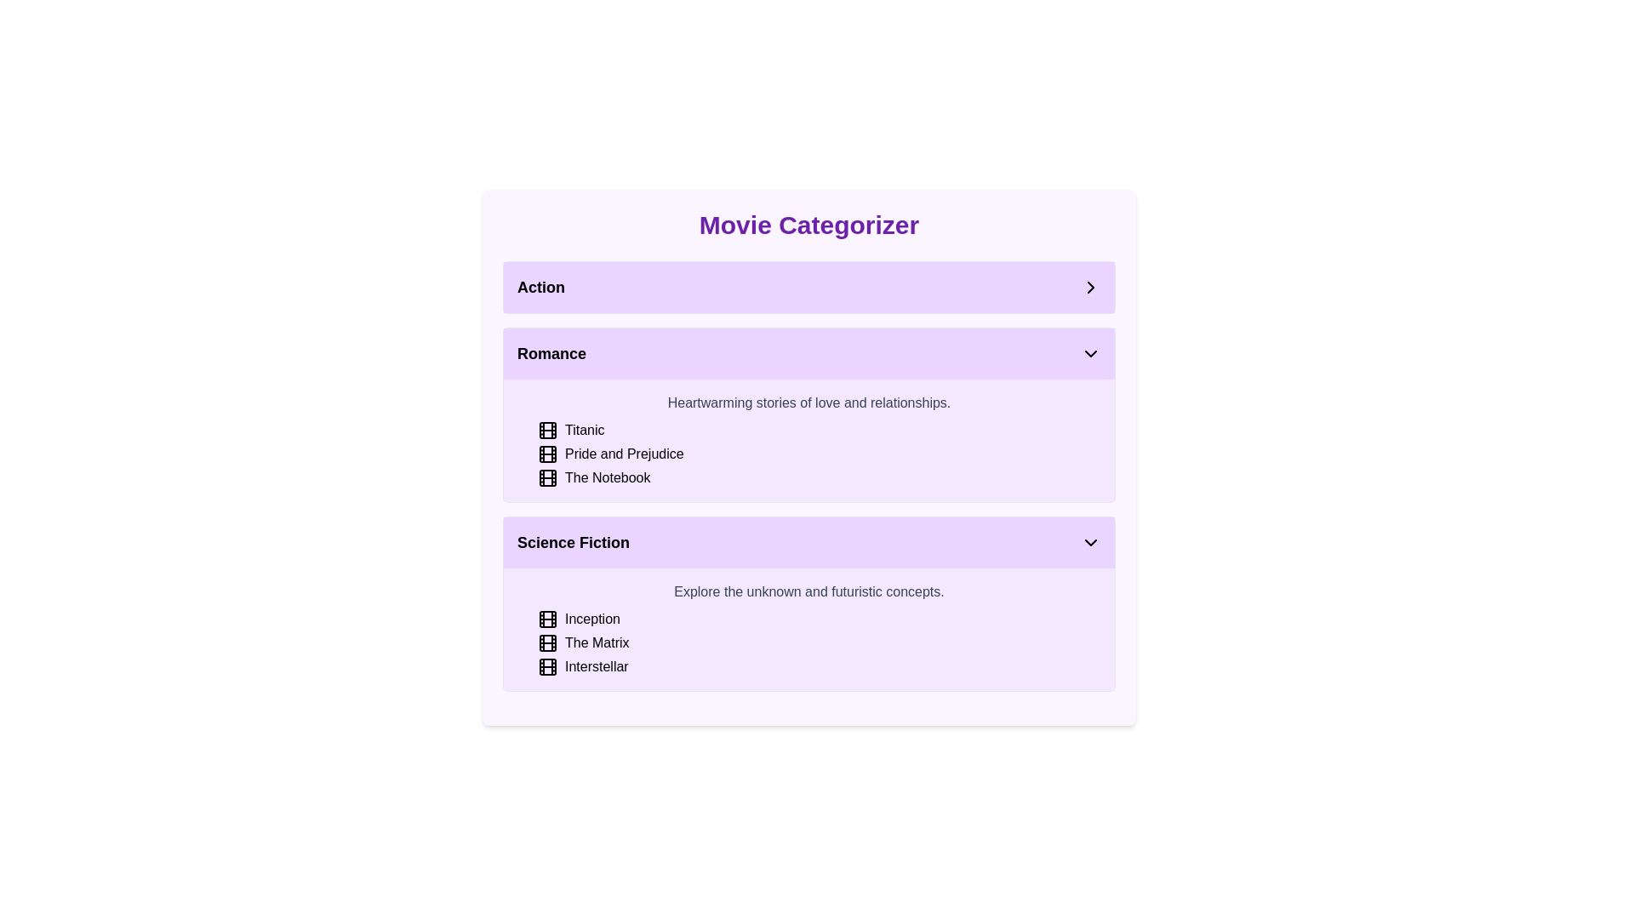 The width and height of the screenshot is (1634, 919). I want to click on the small rectangle with rounded corners styled as part of the SVG graphic, representing a filmstrip segment adjacent to the text label for 'Inception' in the 'Science Fiction' category, so click(547, 619).